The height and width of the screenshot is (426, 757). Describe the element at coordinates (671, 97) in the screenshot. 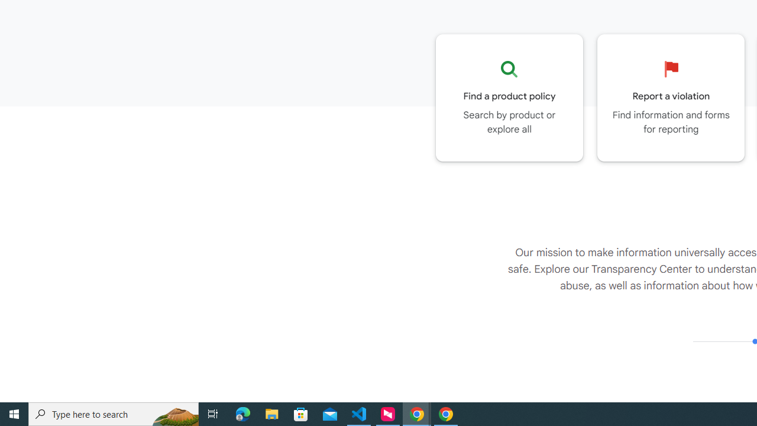

I see `'Go to the Reporting and appeals page'` at that location.